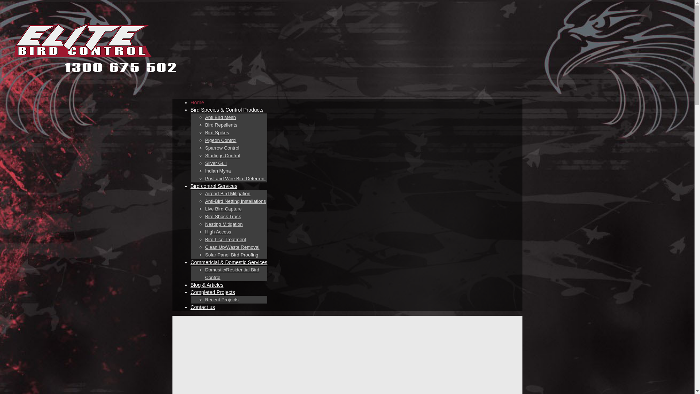 The image size is (700, 394). What do you see at coordinates (220, 140) in the screenshot?
I see `'Pigeon Control'` at bounding box center [220, 140].